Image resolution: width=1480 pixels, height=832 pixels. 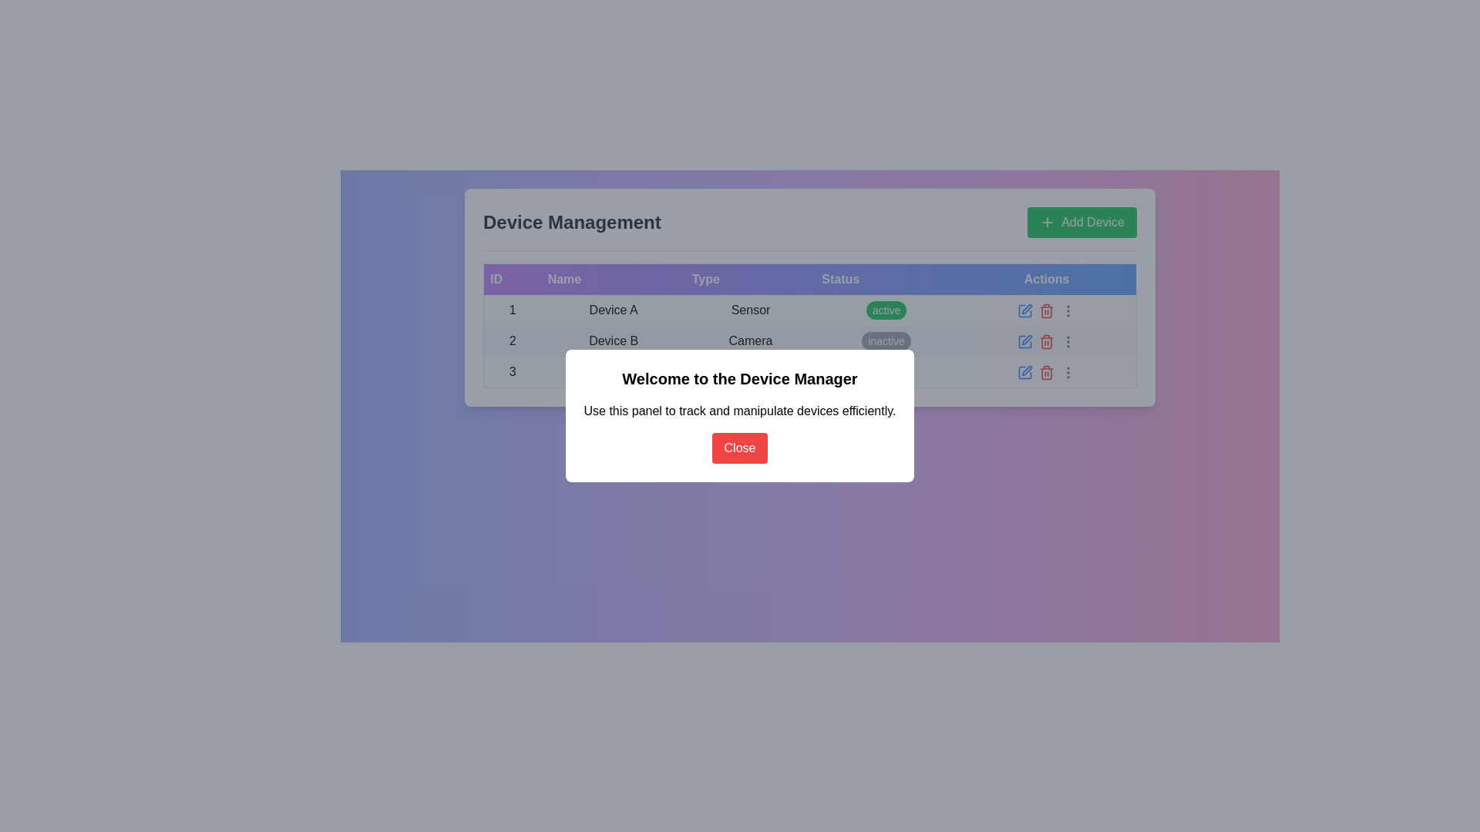 What do you see at coordinates (1047, 372) in the screenshot?
I see `the delete icon located in the Actions column of the third row (Device C) in the table, which is the rightmost cell of this row` at bounding box center [1047, 372].